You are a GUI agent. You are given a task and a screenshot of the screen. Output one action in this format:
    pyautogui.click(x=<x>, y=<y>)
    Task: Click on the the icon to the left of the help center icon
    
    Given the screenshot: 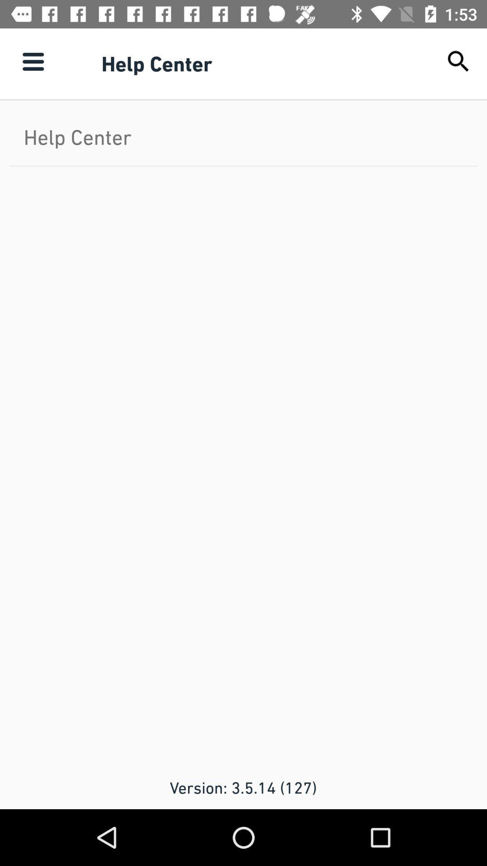 What is the action you would take?
    pyautogui.click(x=32, y=61)
    